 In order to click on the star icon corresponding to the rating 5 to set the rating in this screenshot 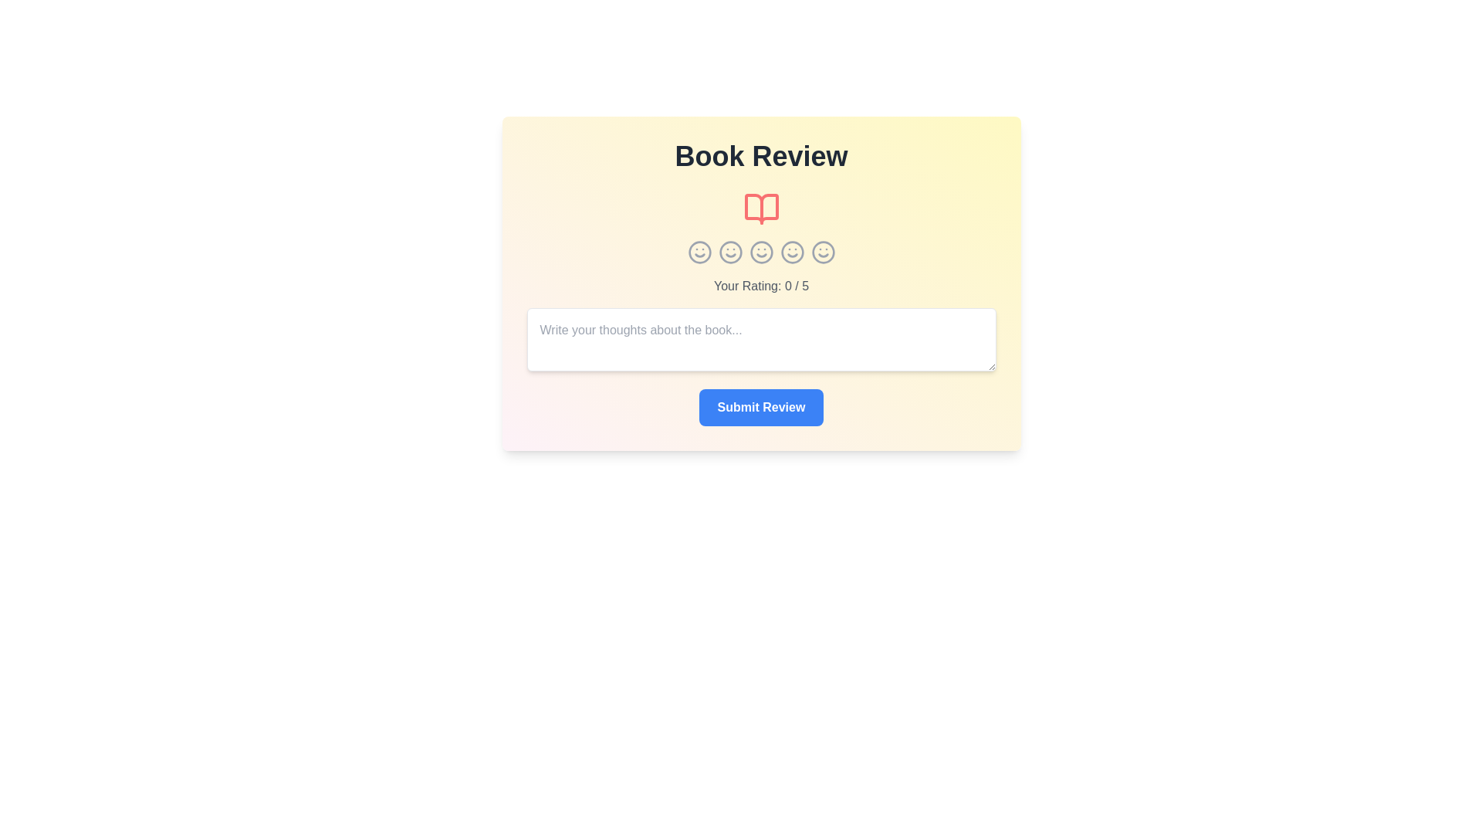, I will do `click(822, 252)`.